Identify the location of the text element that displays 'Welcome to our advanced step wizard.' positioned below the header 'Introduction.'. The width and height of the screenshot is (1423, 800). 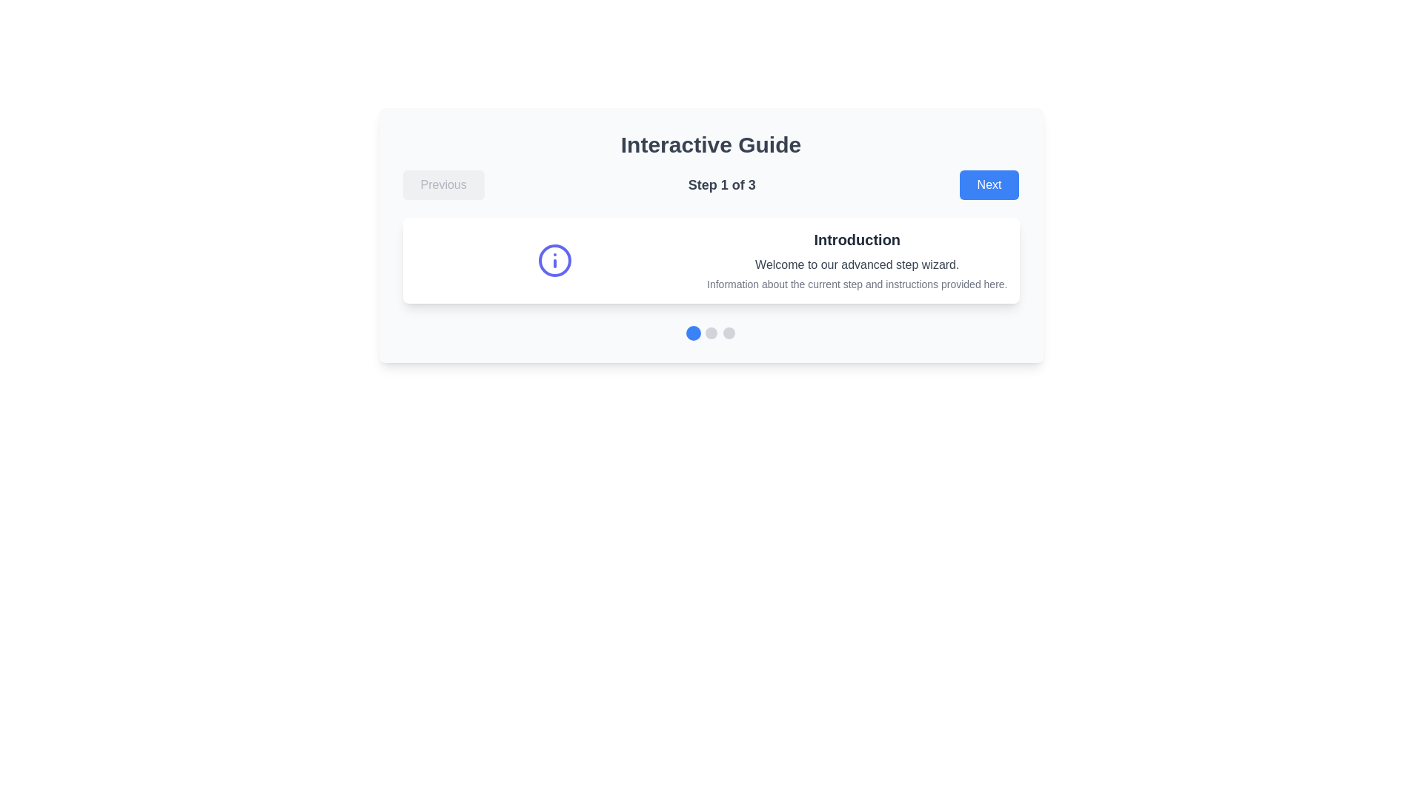
(857, 264).